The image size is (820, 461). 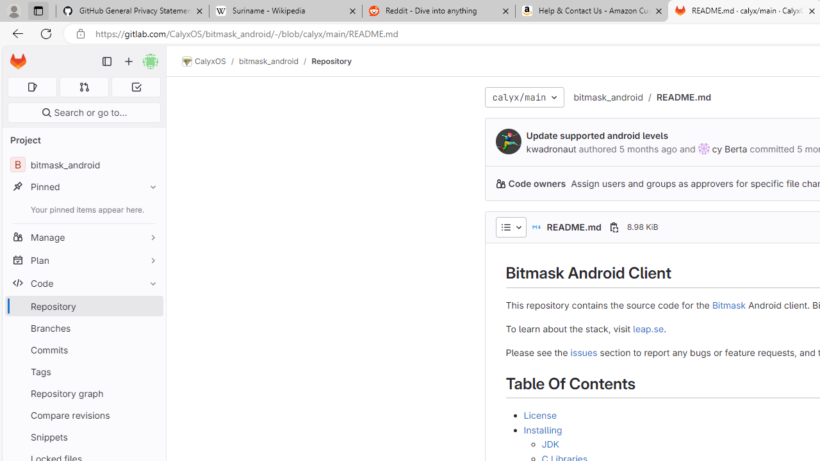 I want to click on 'Installing', so click(x=543, y=429).